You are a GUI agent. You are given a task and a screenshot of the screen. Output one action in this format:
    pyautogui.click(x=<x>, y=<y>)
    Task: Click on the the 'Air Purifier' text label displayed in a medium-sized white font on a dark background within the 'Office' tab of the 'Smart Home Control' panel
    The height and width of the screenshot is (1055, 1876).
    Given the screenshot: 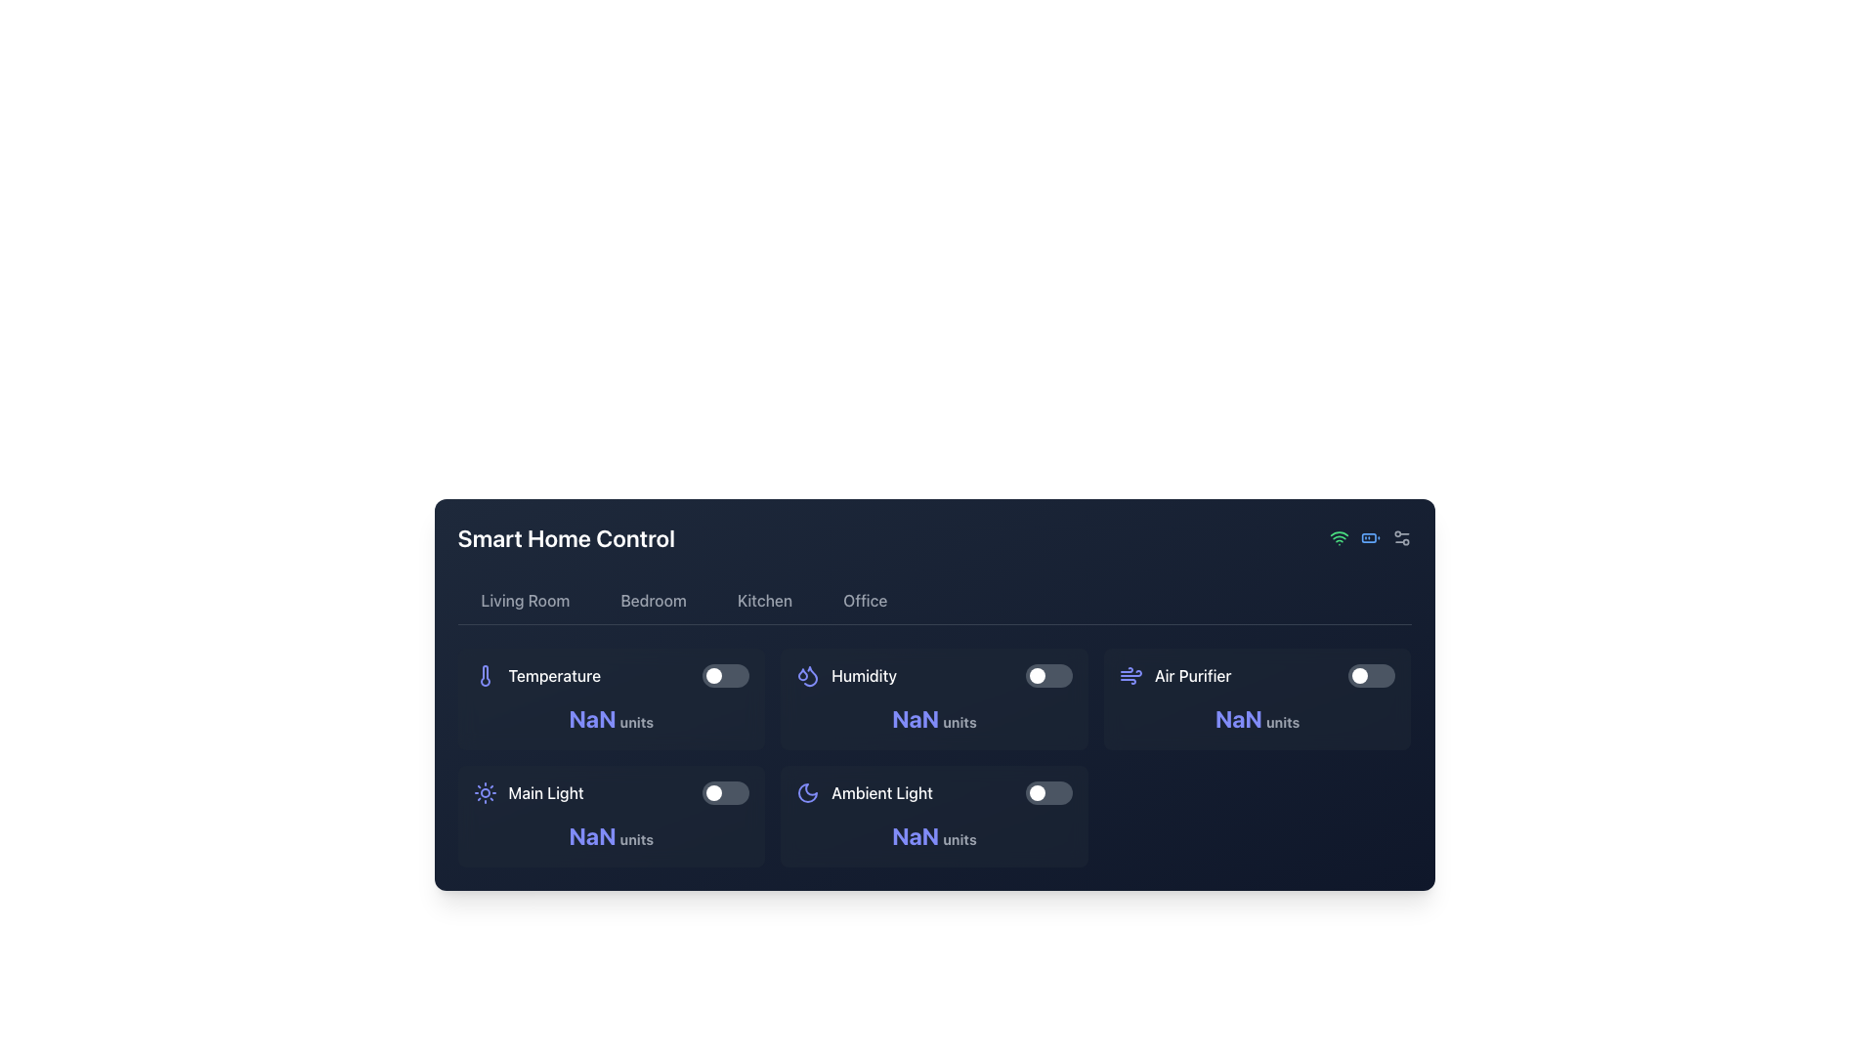 What is the action you would take?
    pyautogui.click(x=1192, y=674)
    